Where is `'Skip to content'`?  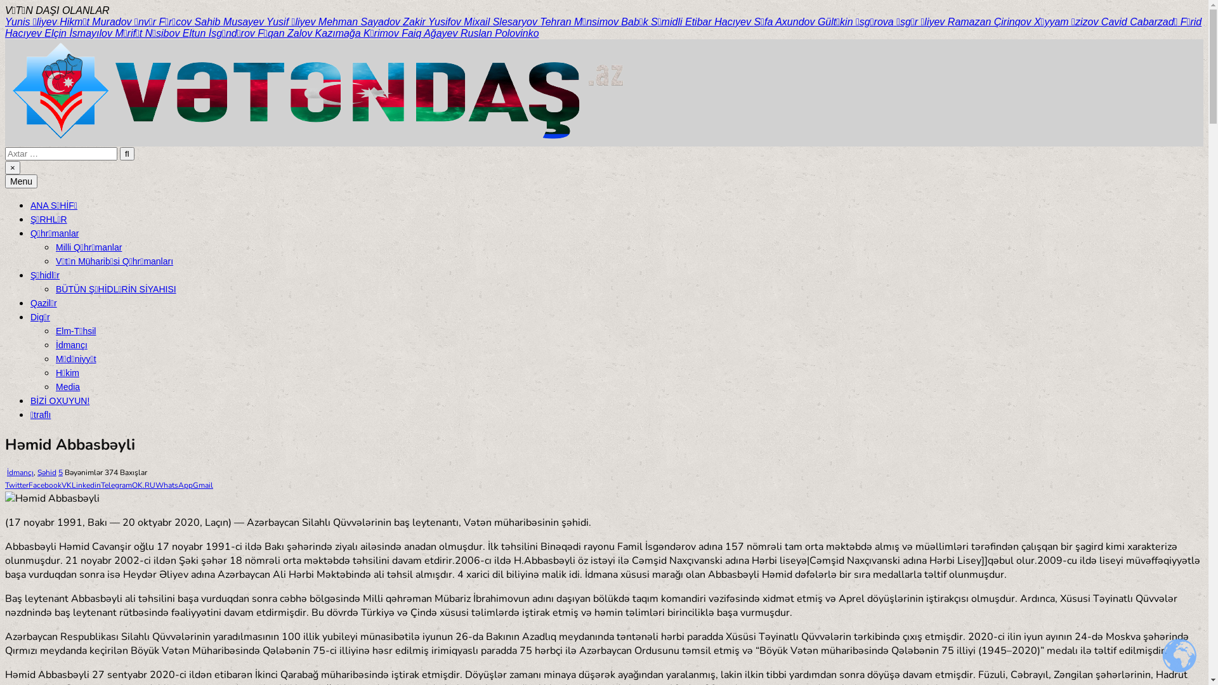
'Skip to content' is located at coordinates (4, 4).